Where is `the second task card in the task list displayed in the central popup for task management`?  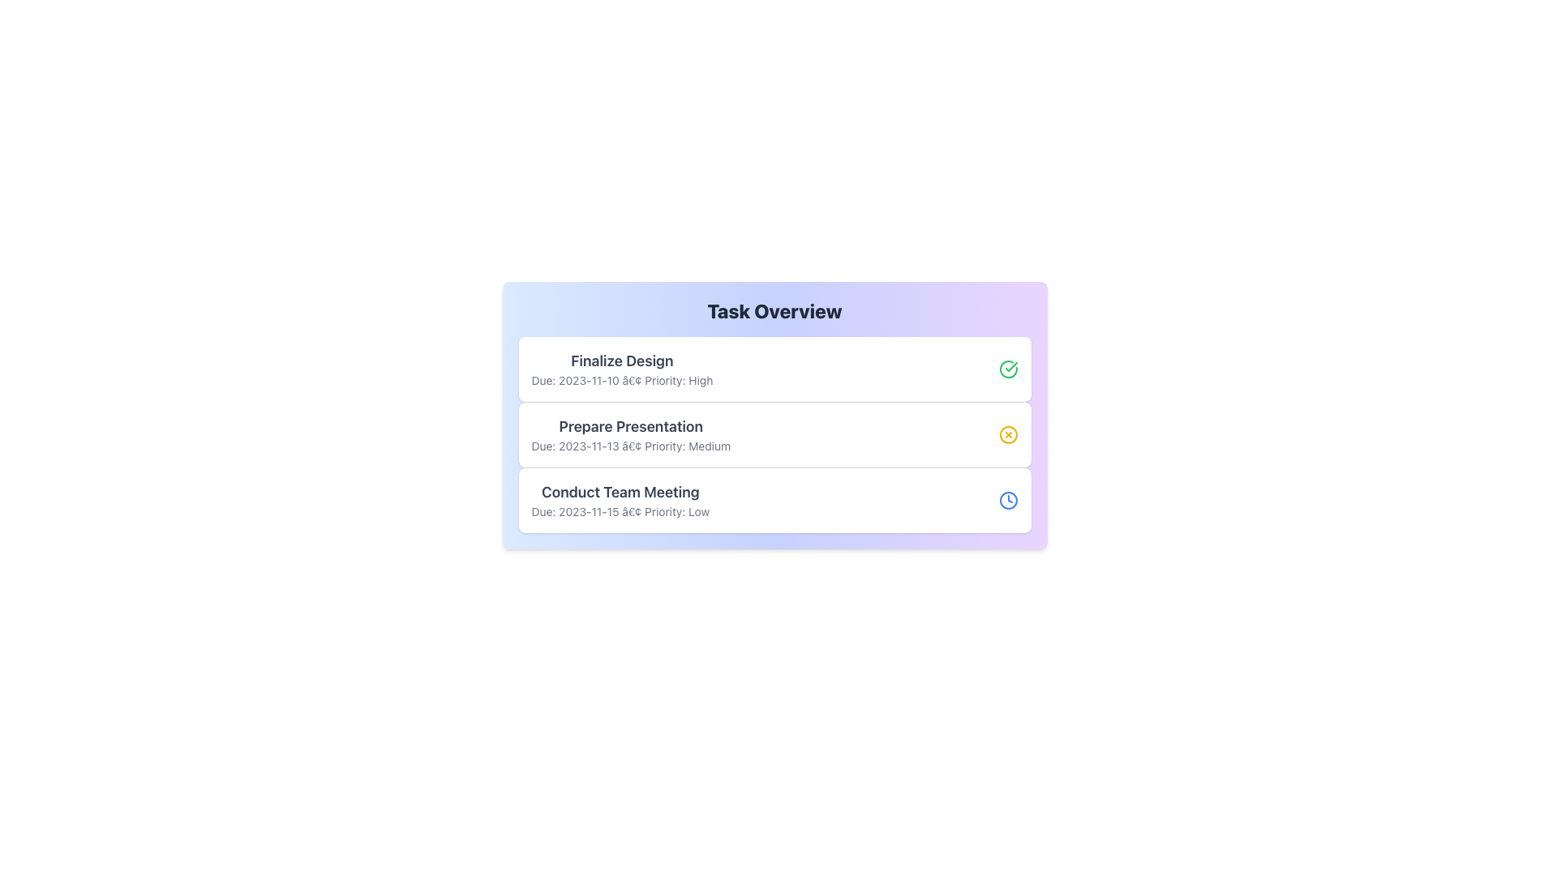 the second task card in the task list displayed in the central popup for task management is located at coordinates (774, 415).